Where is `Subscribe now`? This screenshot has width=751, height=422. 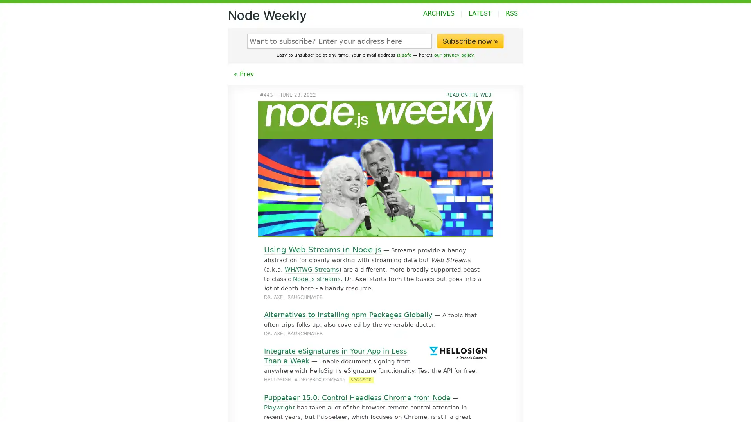 Subscribe now is located at coordinates (470, 41).